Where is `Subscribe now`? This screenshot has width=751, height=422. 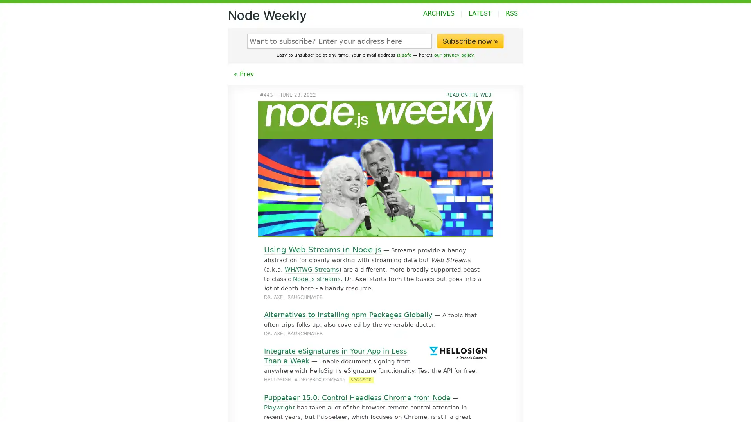 Subscribe now is located at coordinates (470, 41).